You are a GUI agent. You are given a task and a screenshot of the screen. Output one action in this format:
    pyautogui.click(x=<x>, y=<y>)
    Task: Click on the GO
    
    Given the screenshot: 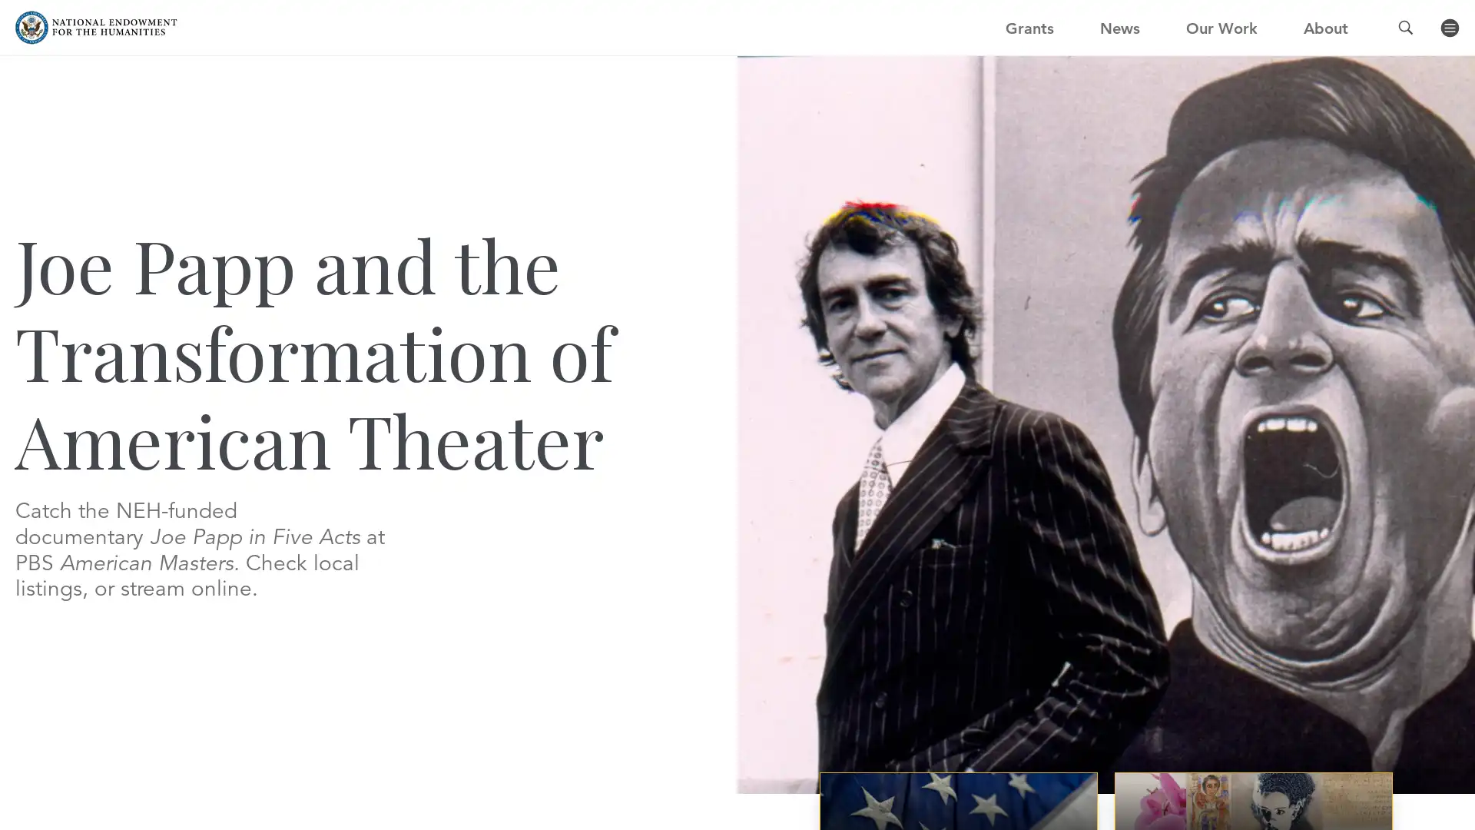 What is the action you would take?
    pyautogui.click(x=996, y=50)
    